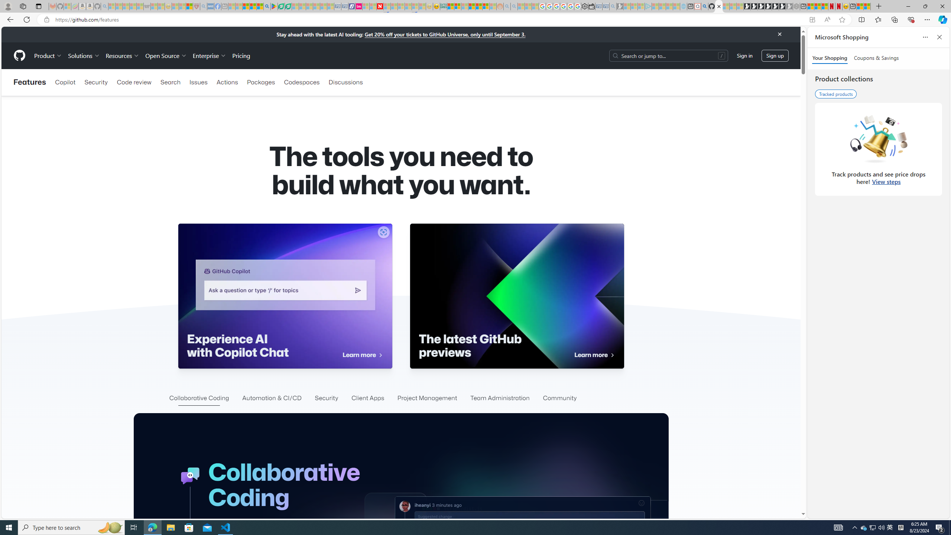 The image size is (951, 535). Describe the element at coordinates (241, 55) in the screenshot. I see `'Pricing'` at that location.